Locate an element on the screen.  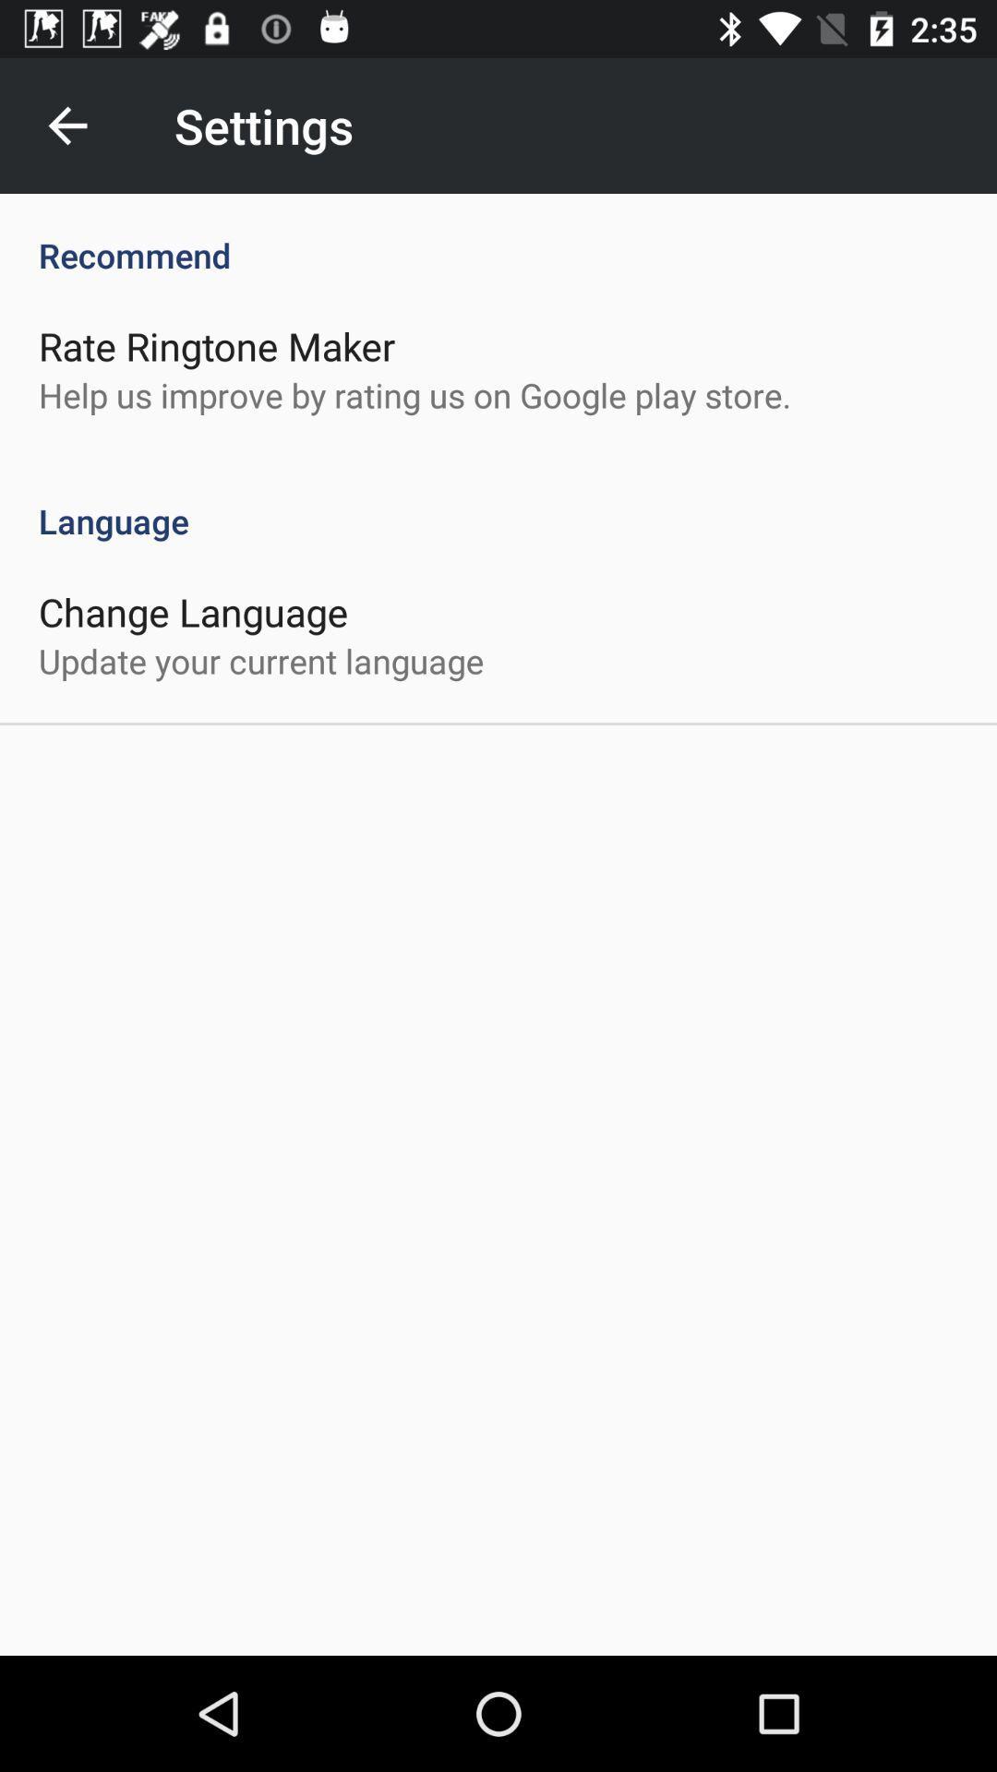
recommend is located at coordinates (498, 234).